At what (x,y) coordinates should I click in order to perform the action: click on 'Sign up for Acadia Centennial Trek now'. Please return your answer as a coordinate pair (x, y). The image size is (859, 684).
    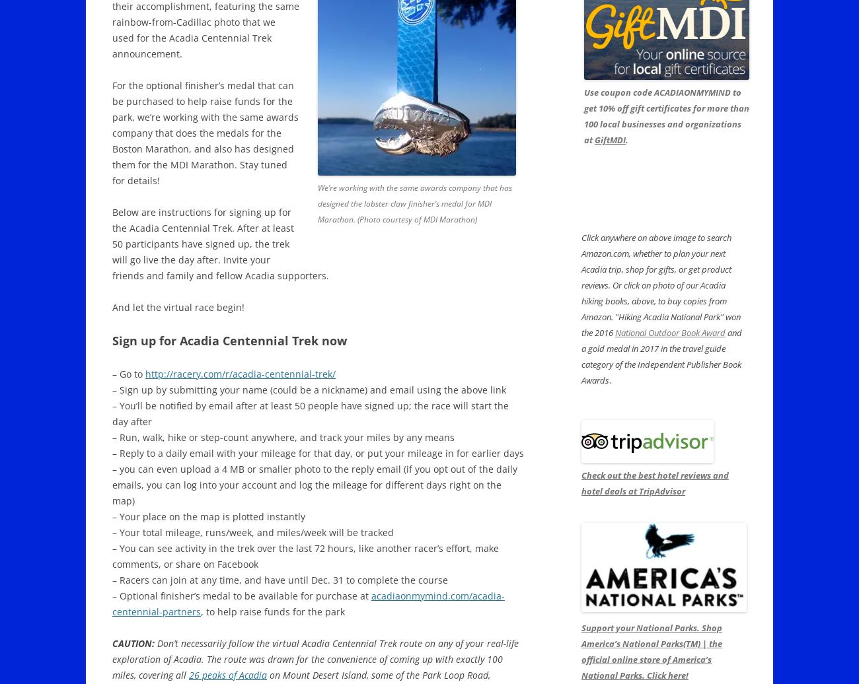
    Looking at the image, I should click on (112, 341).